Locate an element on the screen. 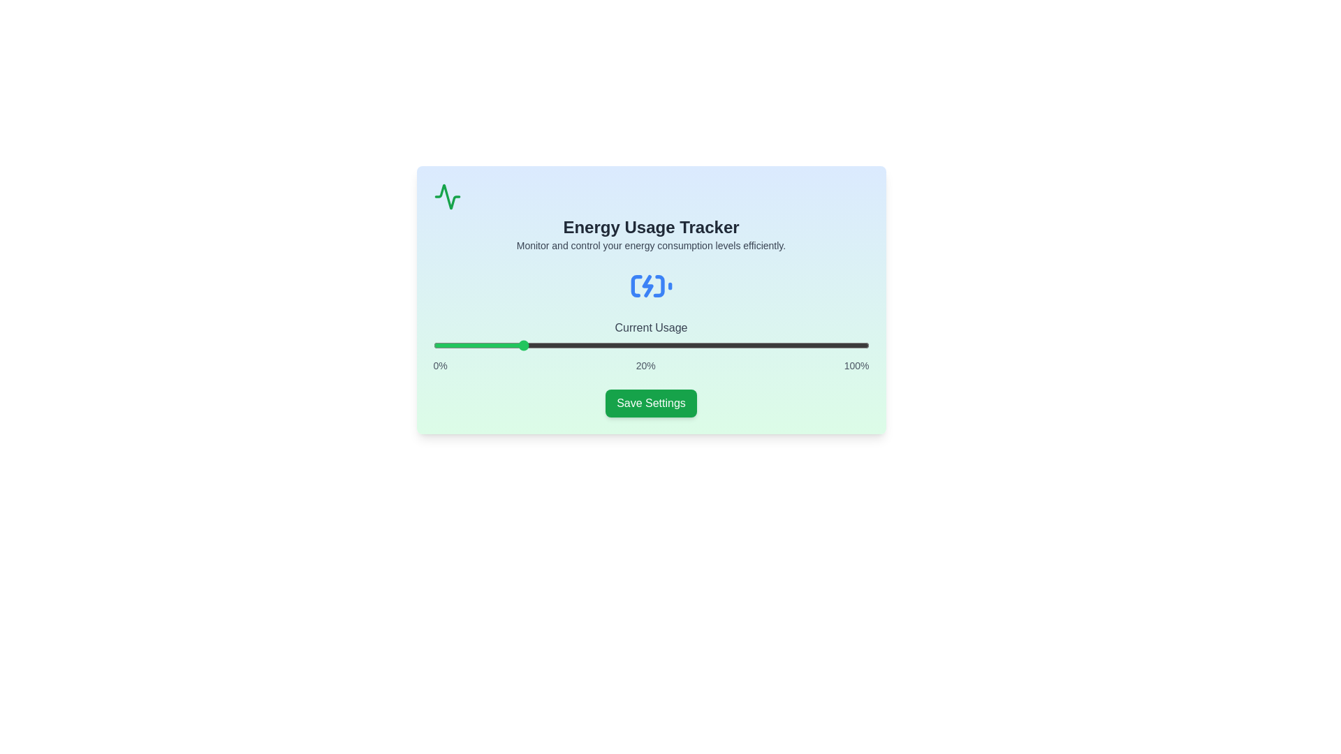 The height and width of the screenshot is (754, 1341). the energy usage slider to 9% is located at coordinates (472, 345).